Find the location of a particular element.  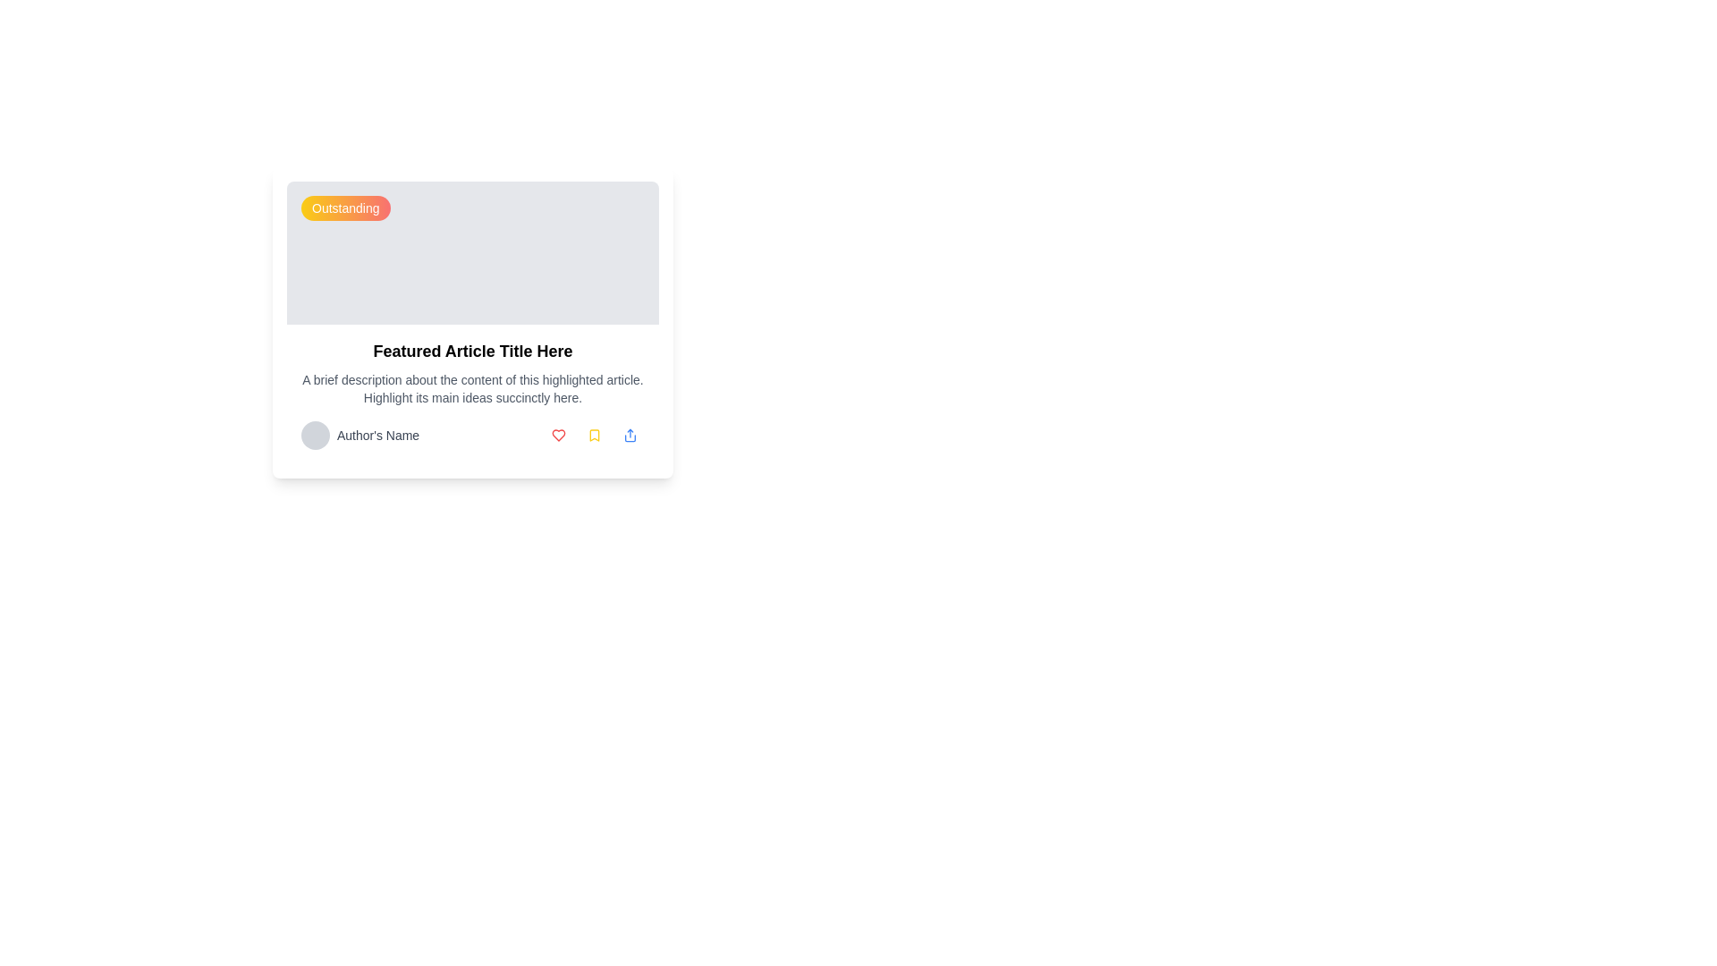

the descriptive text block, which is styled in gray and located below the title text of the article is located at coordinates (472, 388).